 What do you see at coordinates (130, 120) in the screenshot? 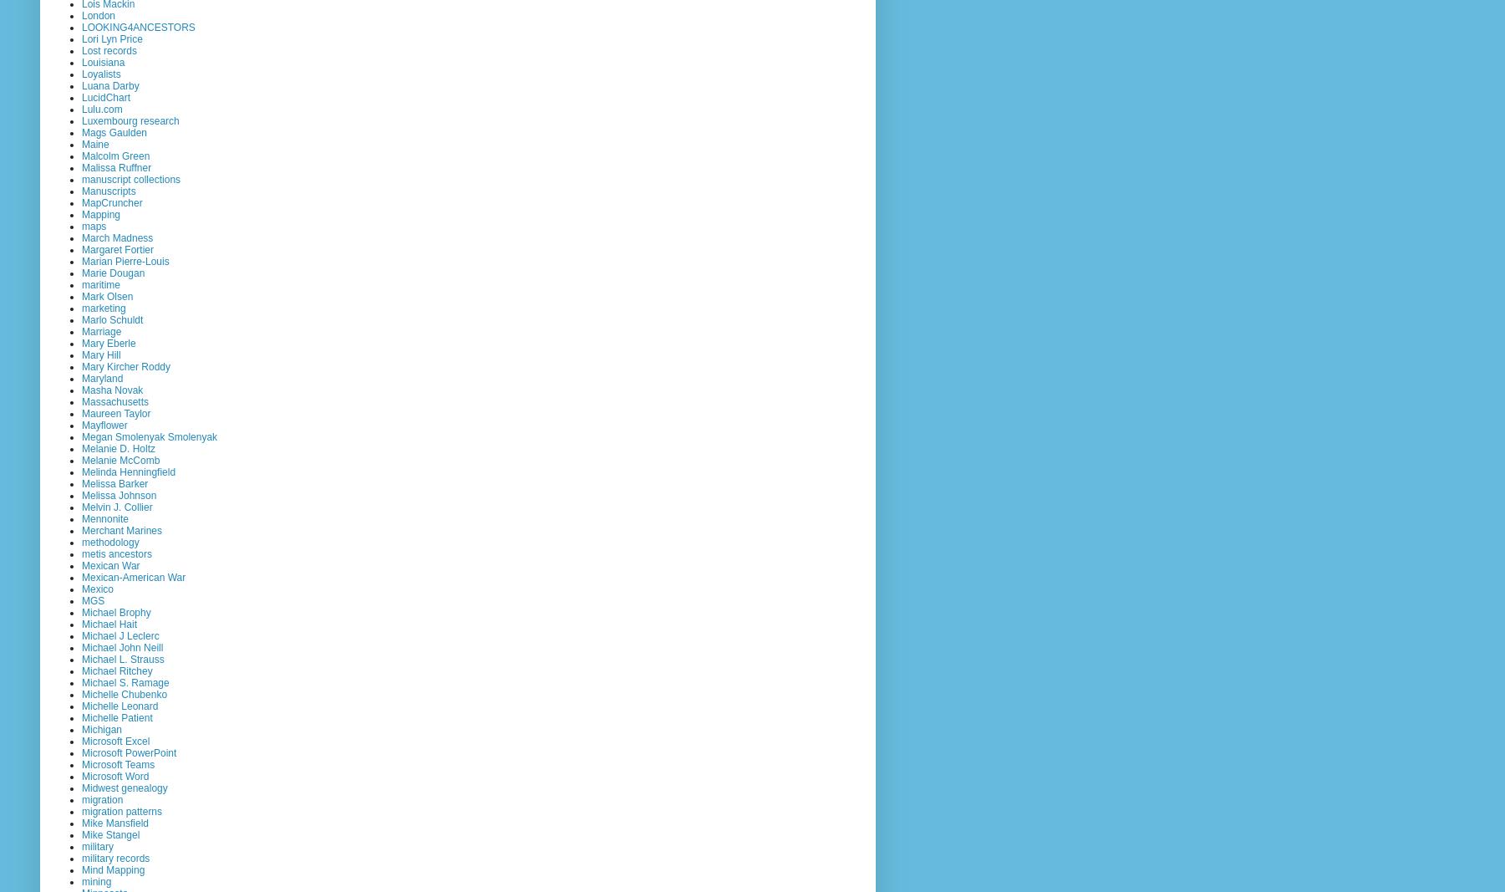
I see `'Luxembourg research'` at bounding box center [130, 120].